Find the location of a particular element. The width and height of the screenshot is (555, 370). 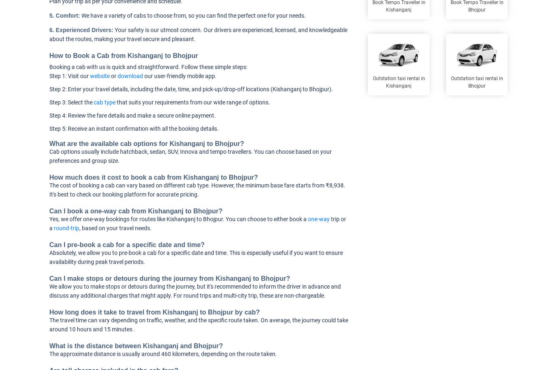

'website' is located at coordinates (99, 76).